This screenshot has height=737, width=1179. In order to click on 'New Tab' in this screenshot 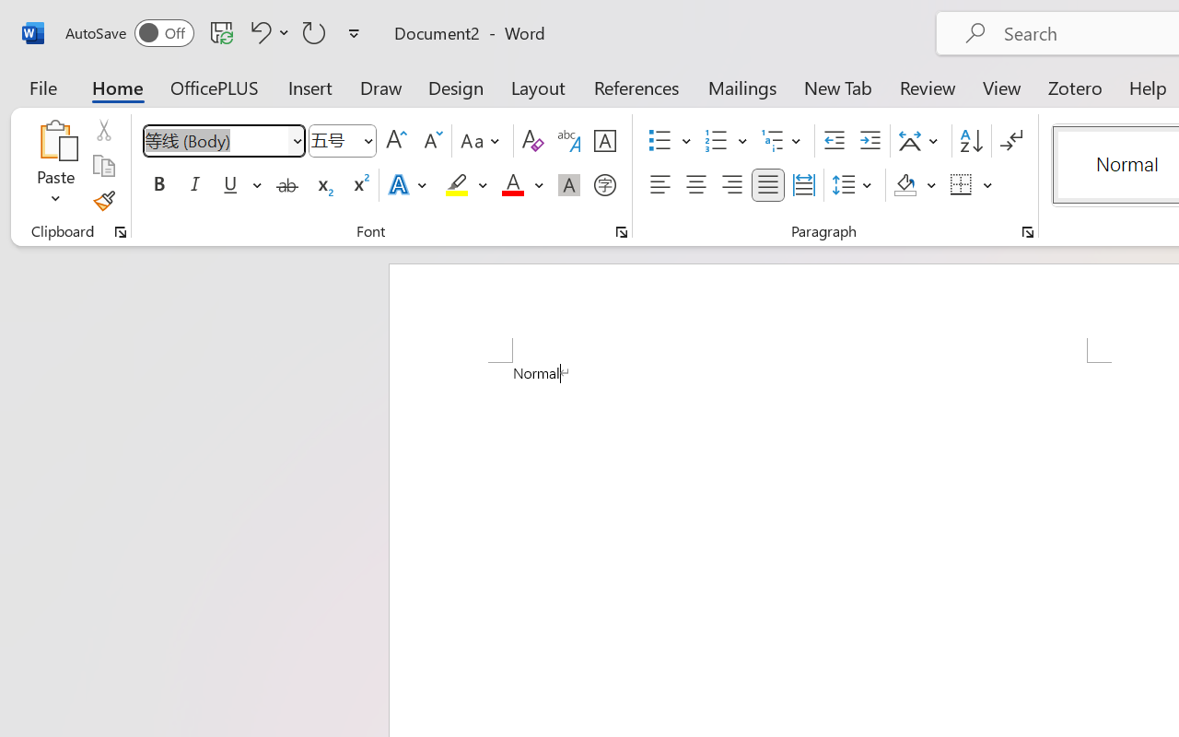, I will do `click(837, 87)`.